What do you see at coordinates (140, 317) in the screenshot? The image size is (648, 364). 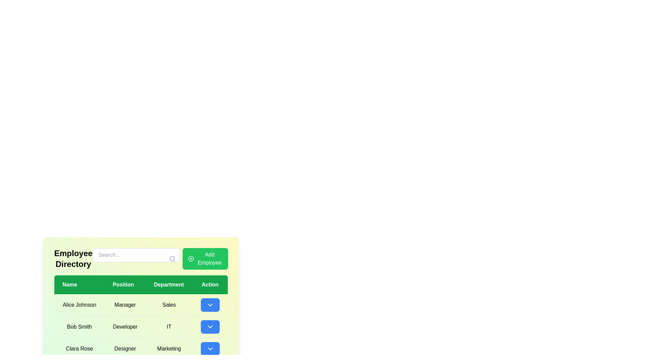 I see `the table cell displaying 'Developer' in the 'Position' column of the Employee Directory, located in the second row of the table` at bounding box center [140, 317].